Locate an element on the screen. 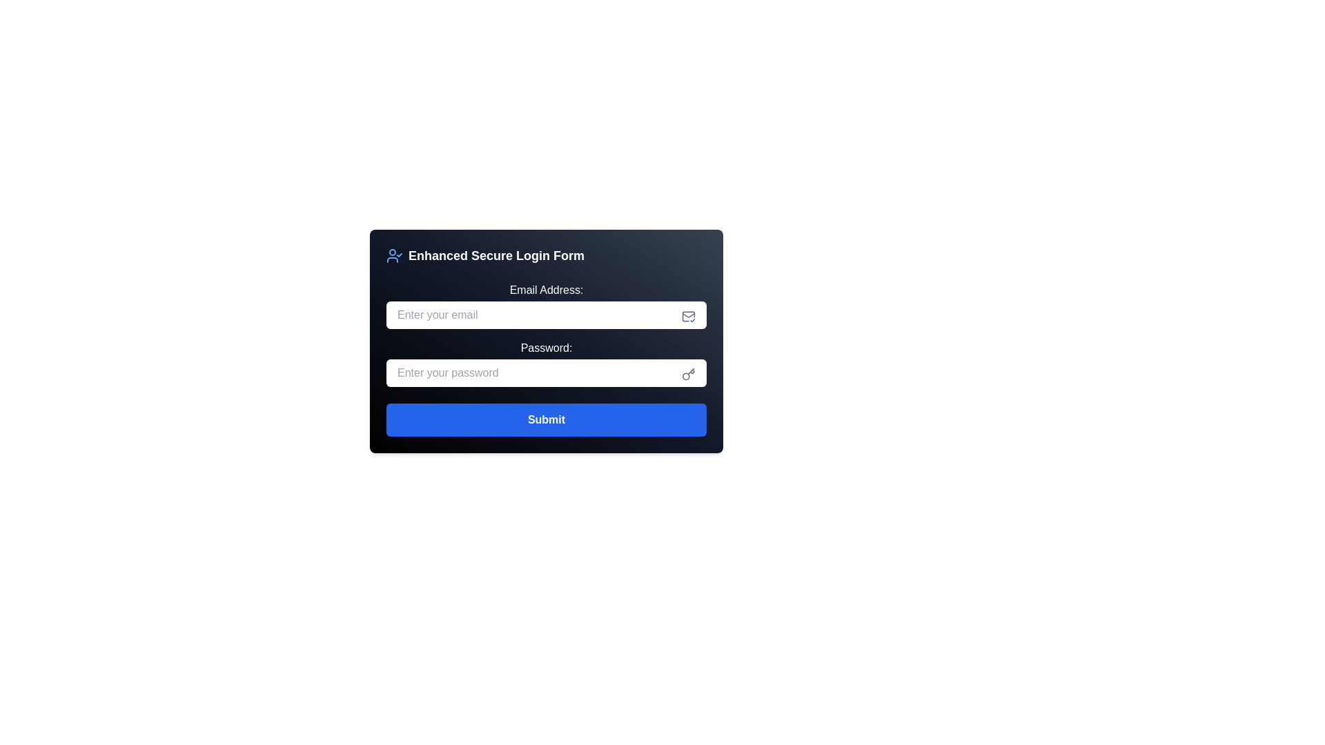  the label displaying 'Password:' which is styled in white font and positioned directly above the password input field is located at coordinates (546, 348).